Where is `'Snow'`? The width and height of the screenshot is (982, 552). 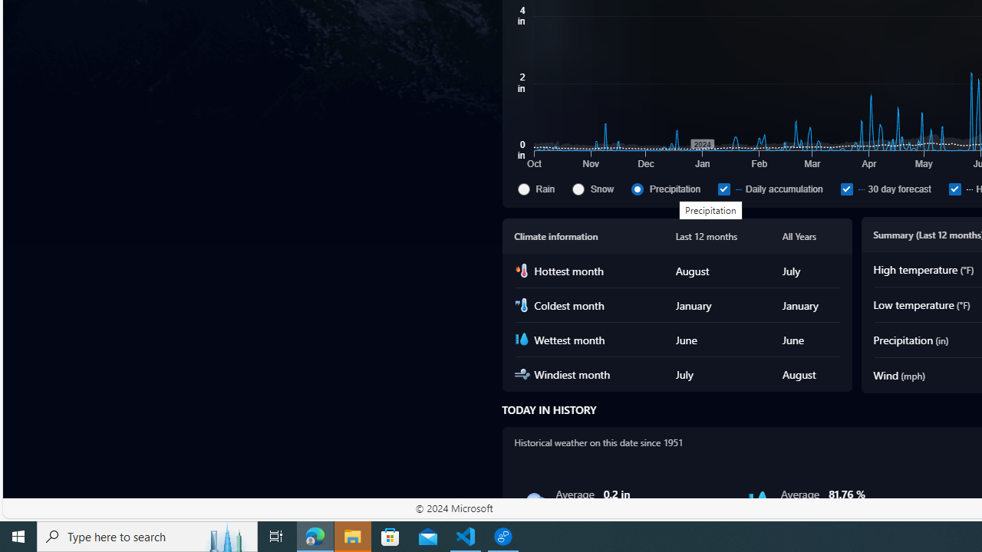 'Snow' is located at coordinates (578, 188).